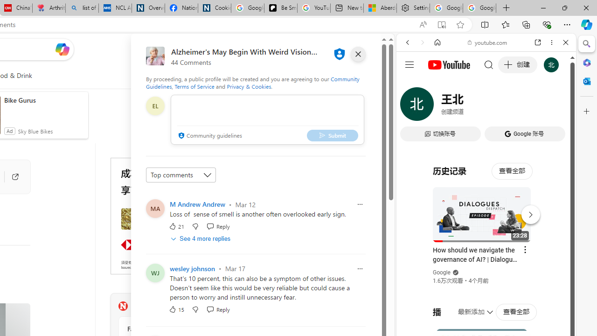  I want to click on 'youtube.com', so click(487, 42).